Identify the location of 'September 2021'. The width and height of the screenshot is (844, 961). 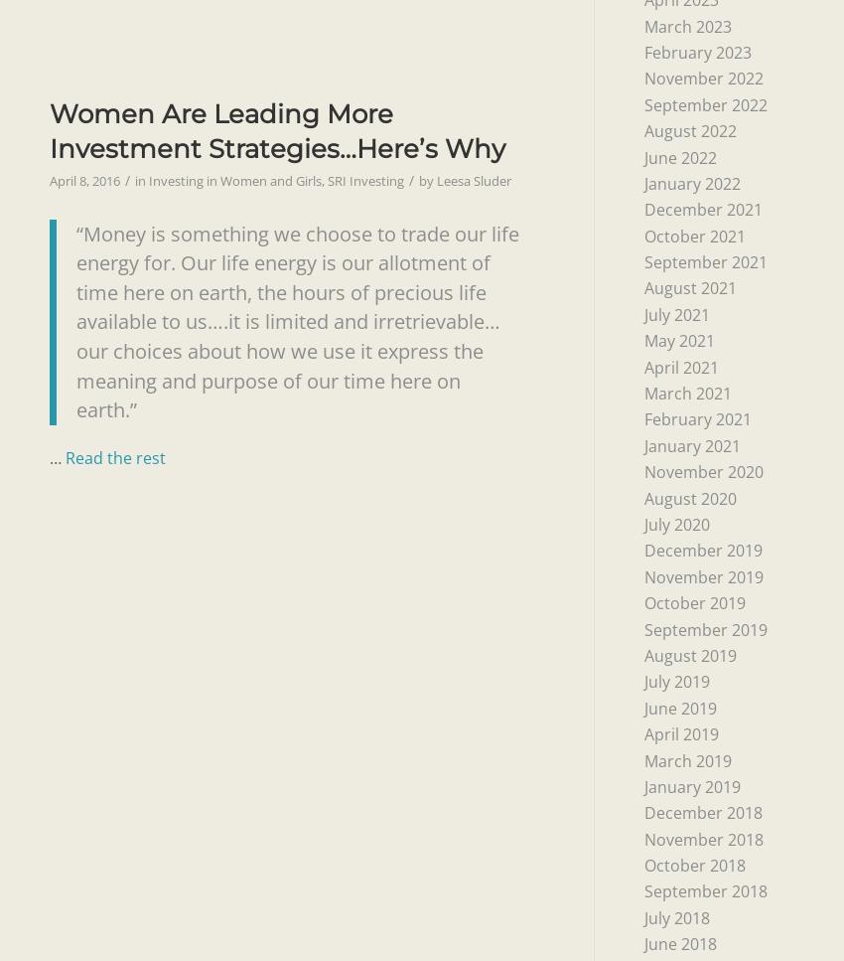
(704, 260).